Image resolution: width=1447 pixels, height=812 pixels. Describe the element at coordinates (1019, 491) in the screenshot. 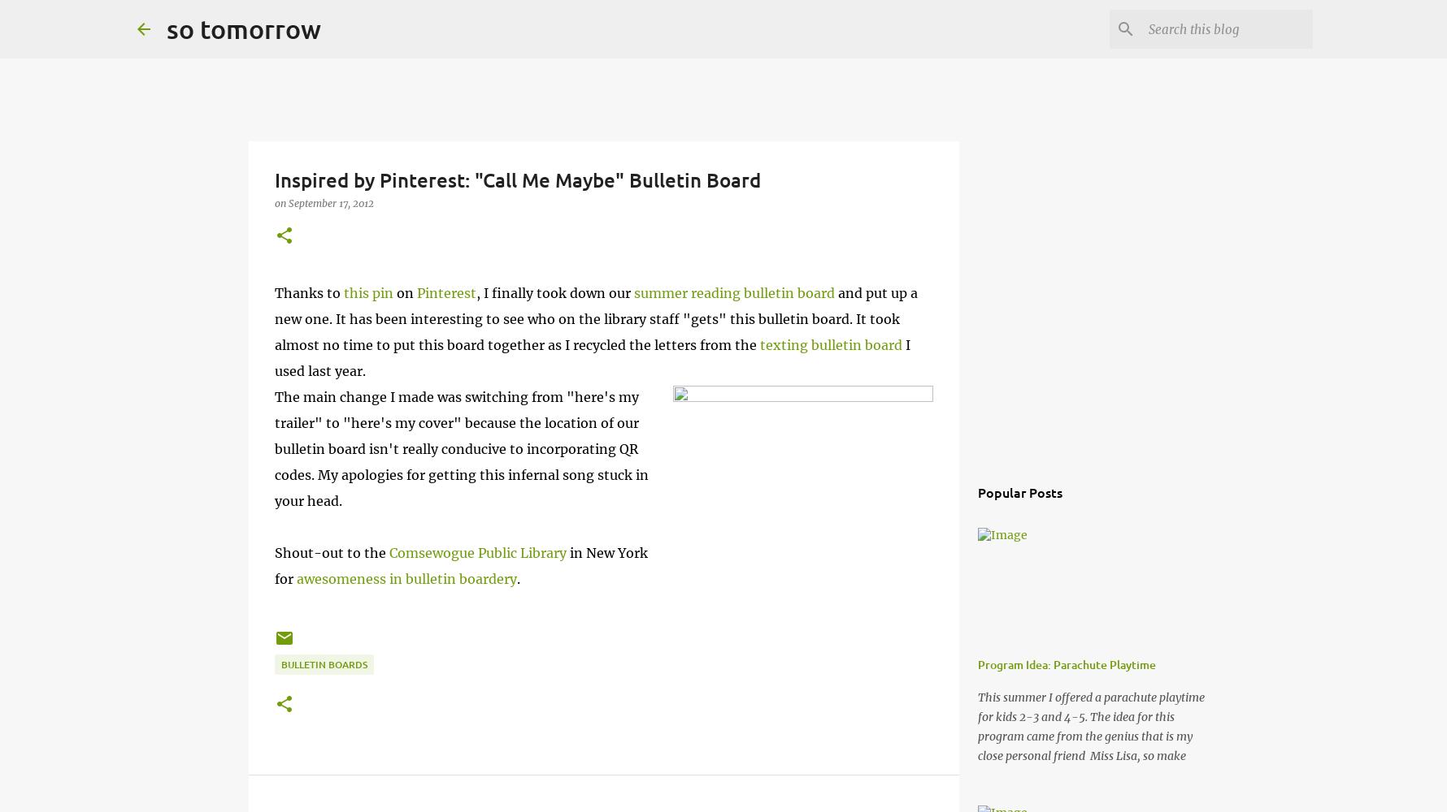

I see `'Popular Posts'` at that location.